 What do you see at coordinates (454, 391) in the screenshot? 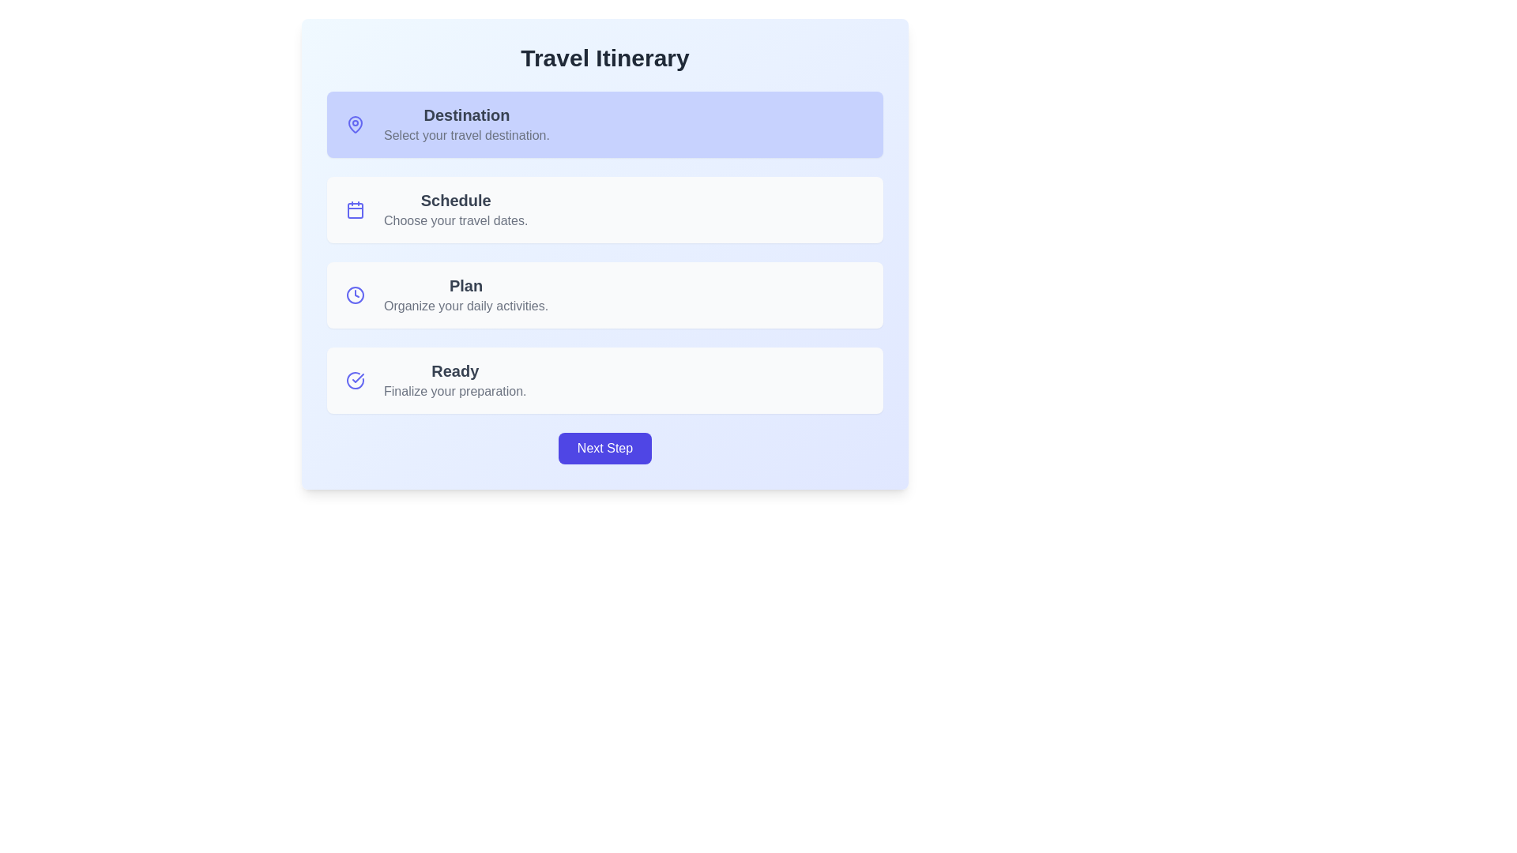
I see `the static text label that provides context or instructions related to the 'Ready' section, positioned just above the 'Next Step' button` at bounding box center [454, 391].